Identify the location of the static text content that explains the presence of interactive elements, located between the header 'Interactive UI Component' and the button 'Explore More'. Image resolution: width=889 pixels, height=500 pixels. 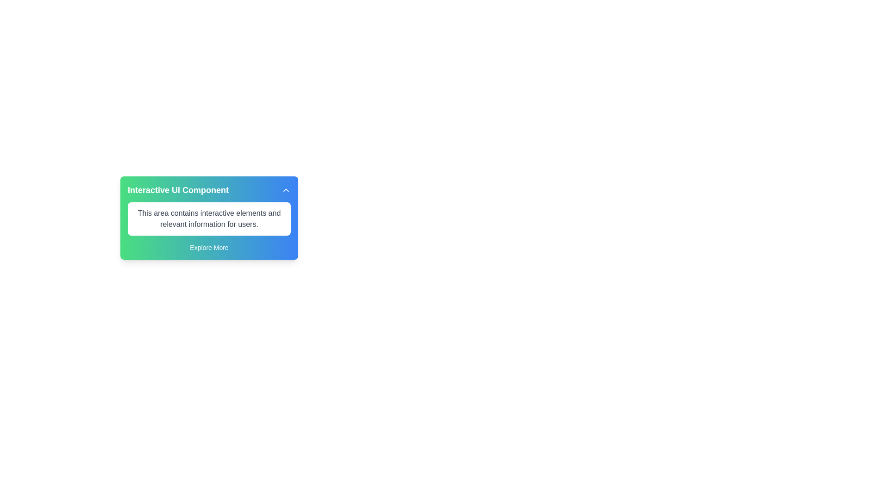
(208, 219).